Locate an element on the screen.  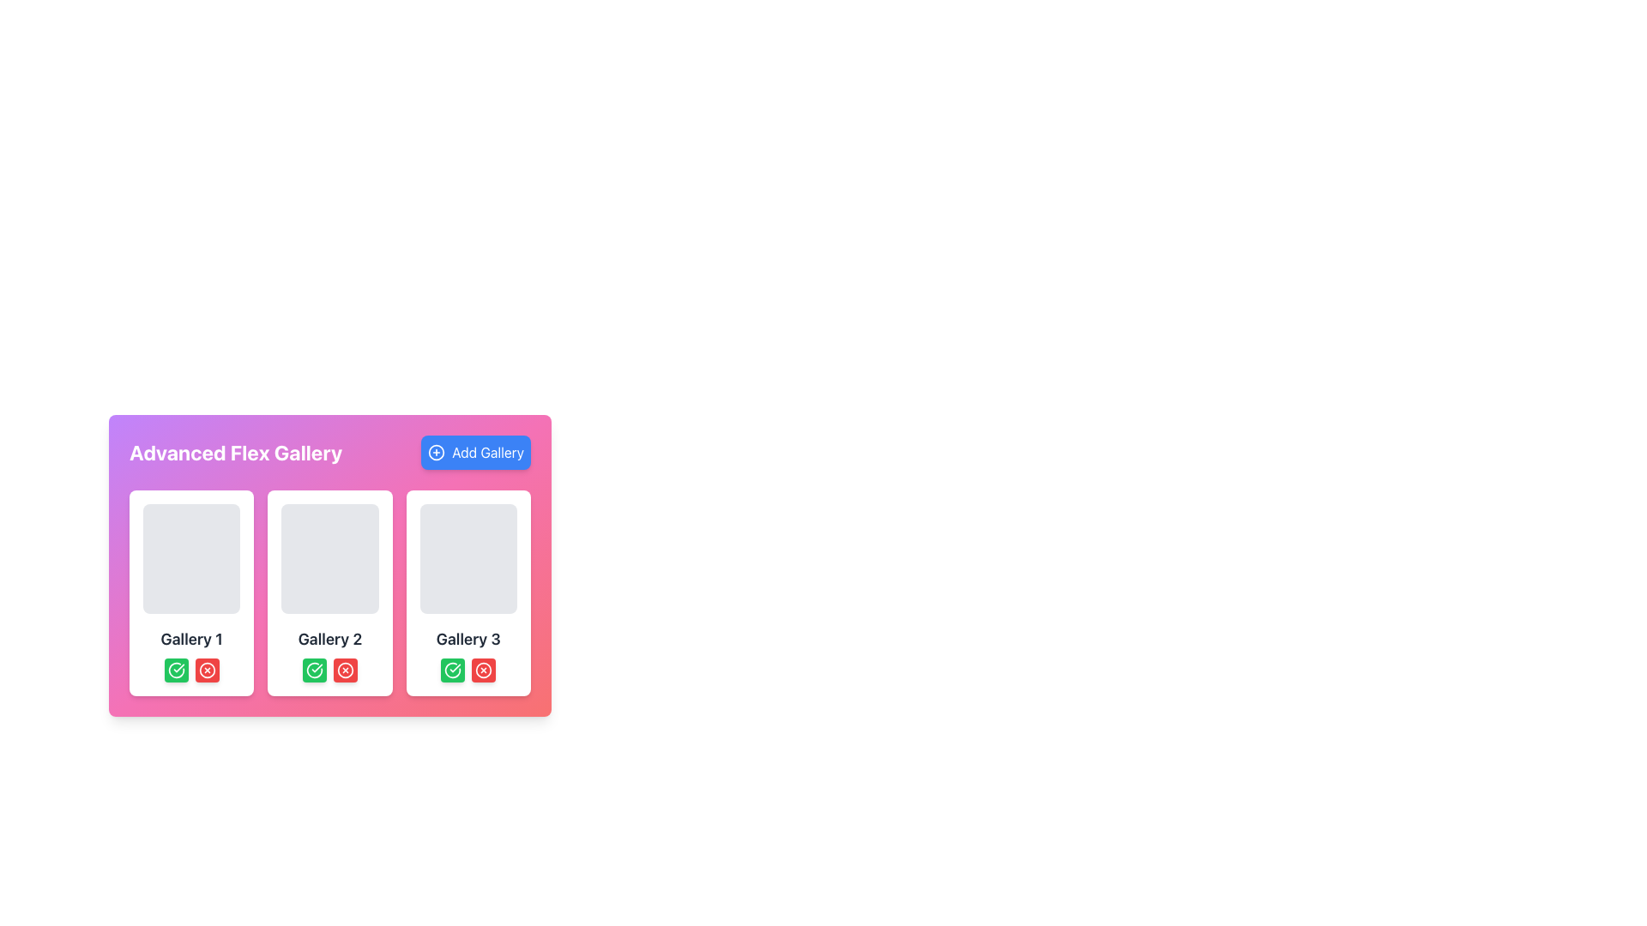
the SVG circle graphic located near the bottom-right corner of the third gallery card in the 'Advanced Flex Gallery' section is located at coordinates (345, 670).